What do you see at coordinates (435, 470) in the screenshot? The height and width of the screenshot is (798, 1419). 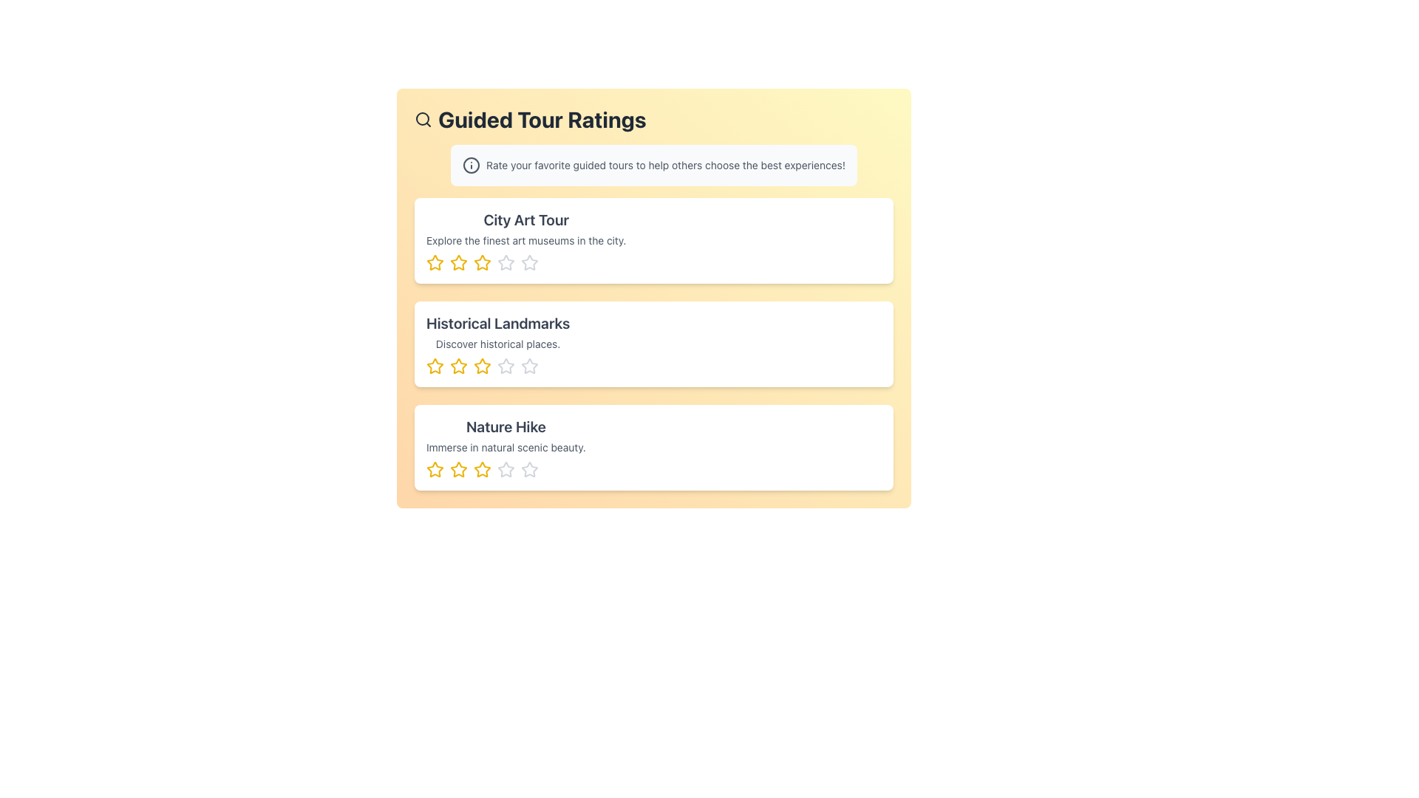 I see `the first yellow star icon in the row of rating stars for the 'Nature Hike' option to rate it` at bounding box center [435, 470].